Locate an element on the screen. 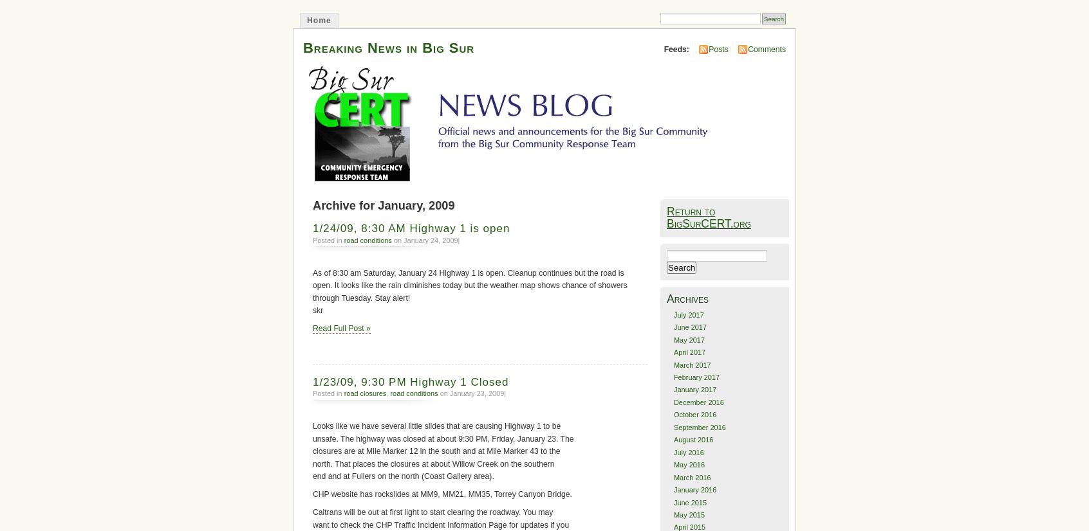 Image resolution: width=1089 pixels, height=531 pixels. 'October 2016' is located at coordinates (694, 414).